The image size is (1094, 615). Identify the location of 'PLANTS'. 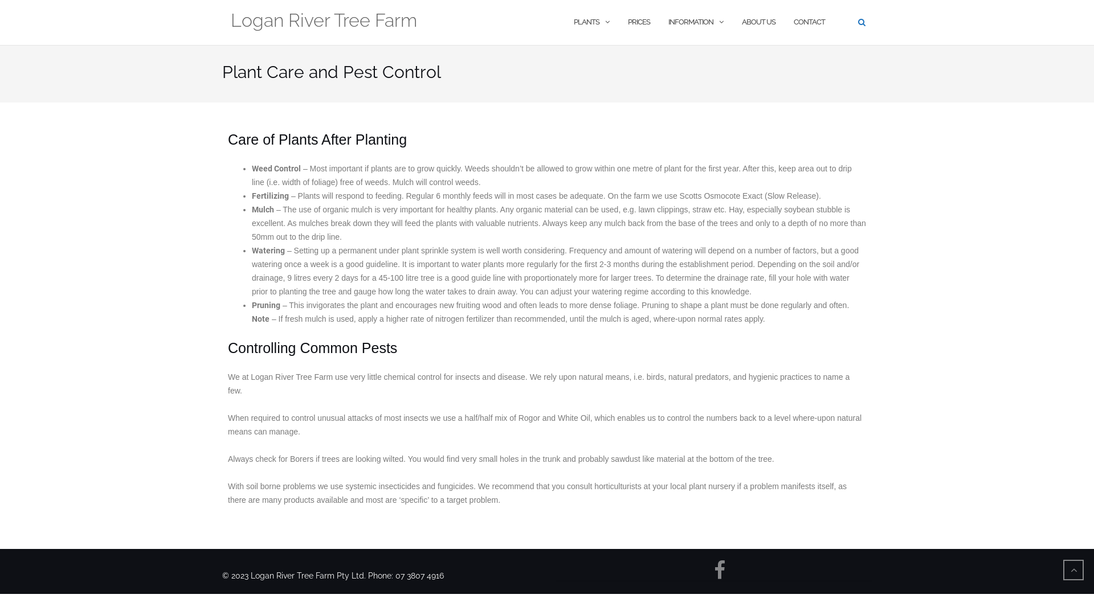
(586, 22).